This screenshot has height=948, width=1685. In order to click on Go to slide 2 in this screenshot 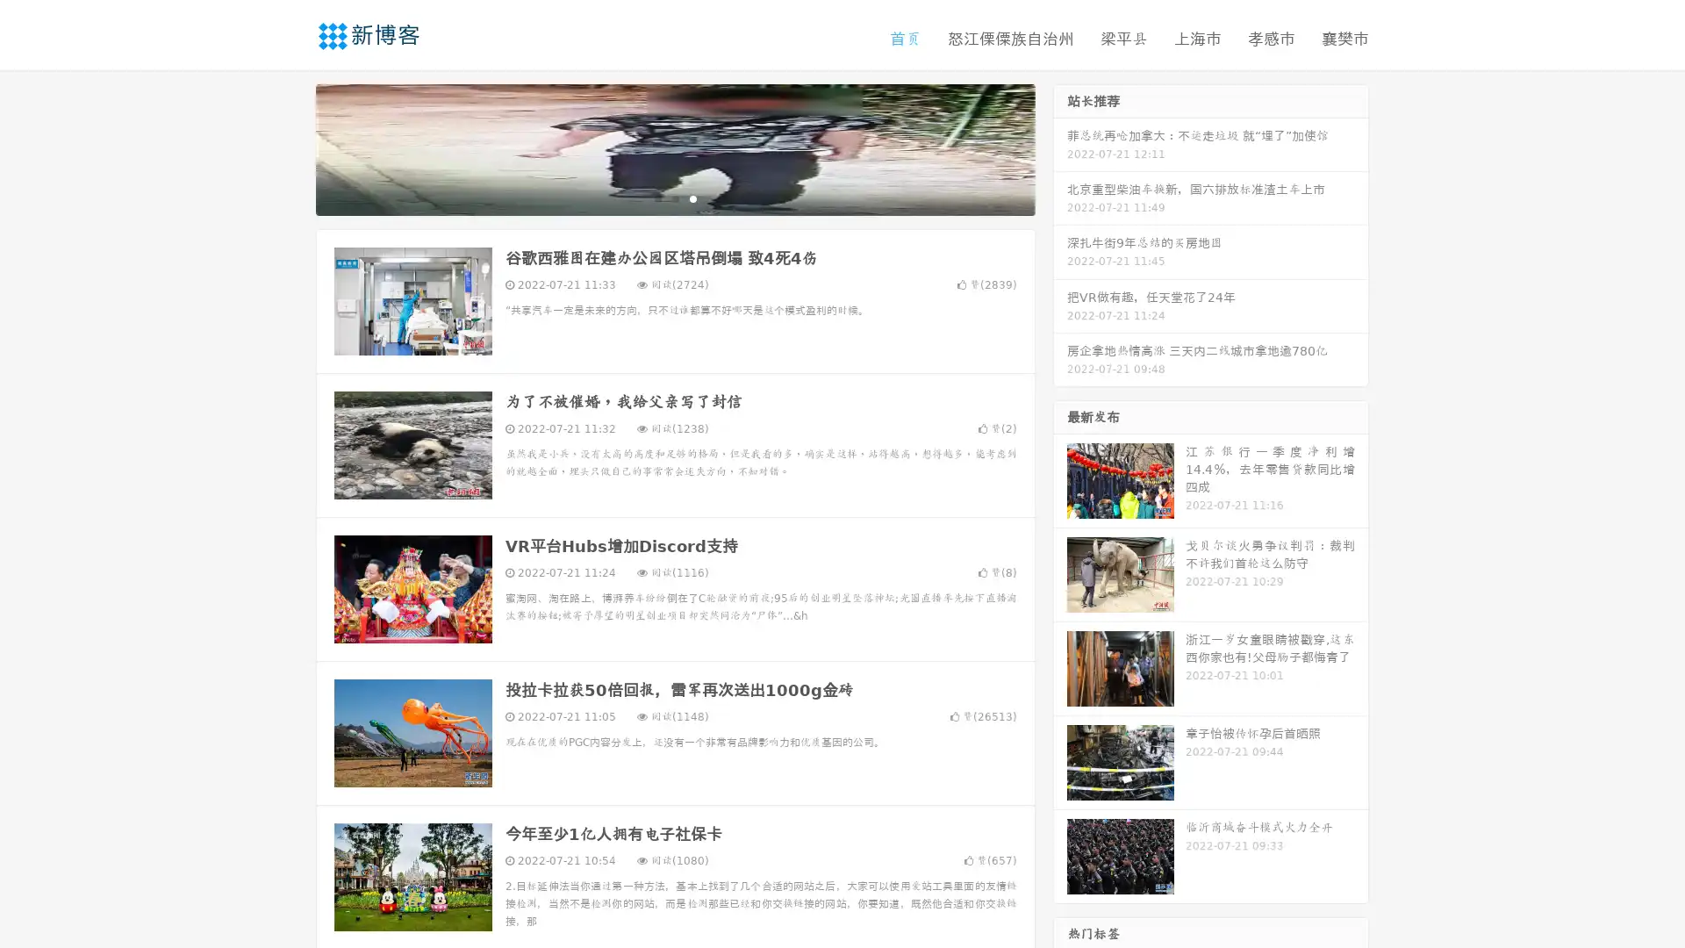, I will do `click(674, 197)`.